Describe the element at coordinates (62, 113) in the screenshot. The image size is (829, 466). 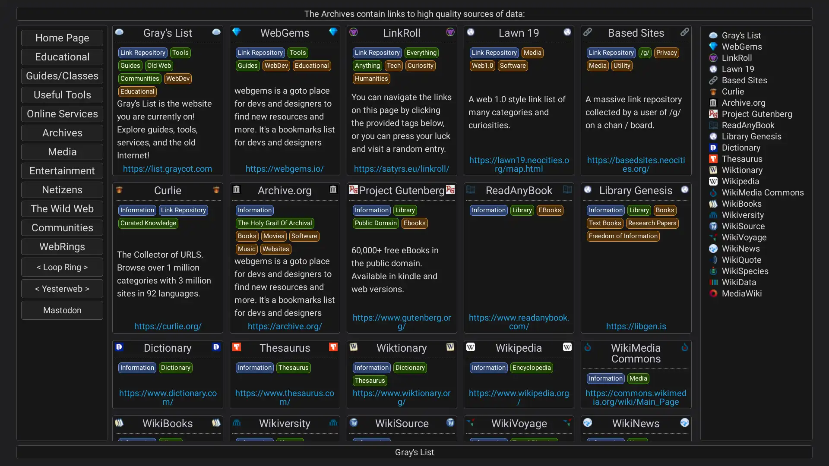
I see `Online Services` at that location.